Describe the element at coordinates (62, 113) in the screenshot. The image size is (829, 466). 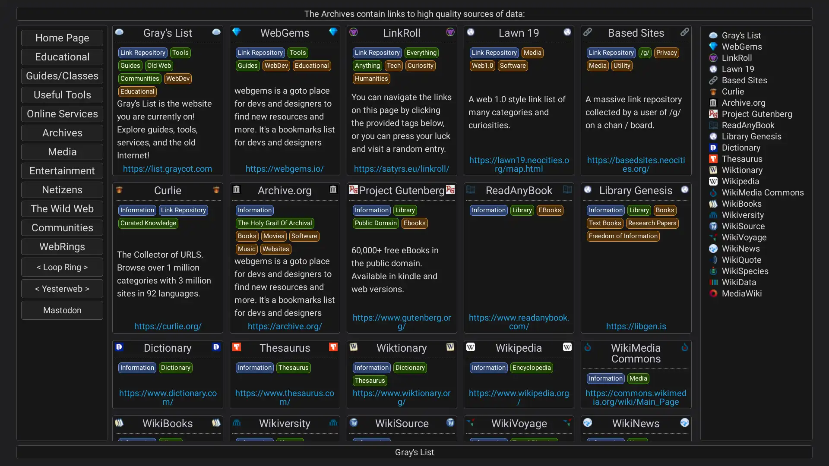
I see `Online Services` at that location.